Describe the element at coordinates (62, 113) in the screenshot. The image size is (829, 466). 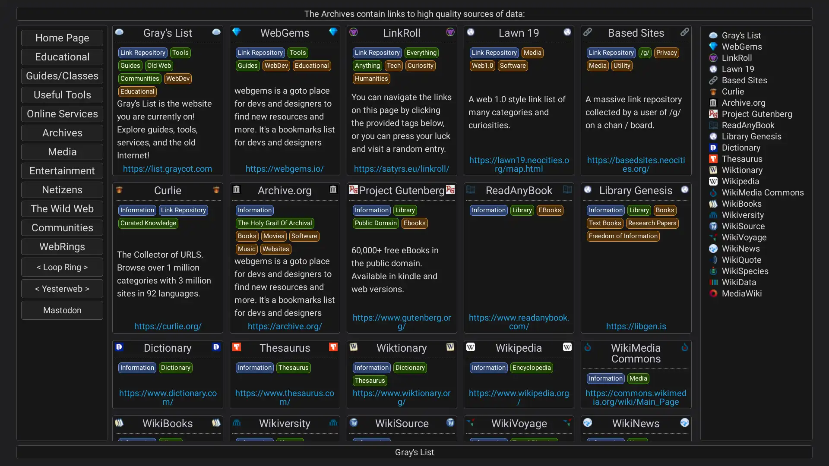
I see `Online Services` at that location.